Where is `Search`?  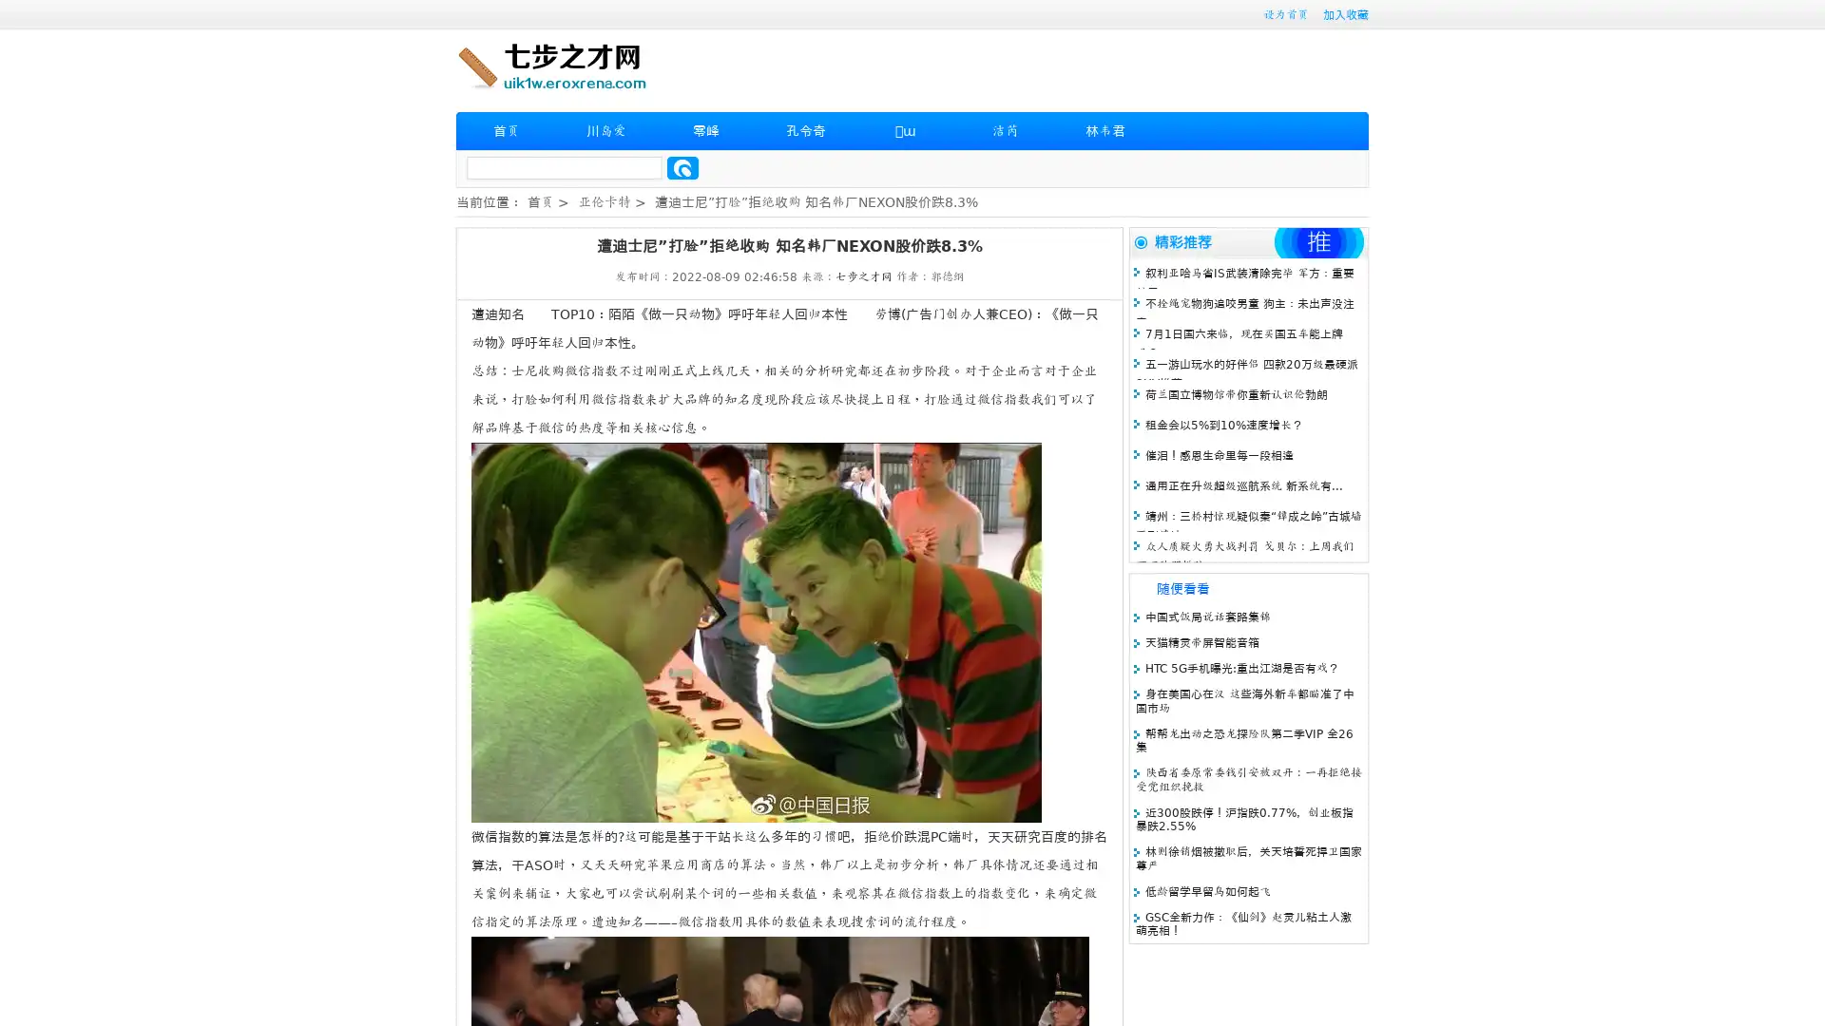 Search is located at coordinates (682, 167).